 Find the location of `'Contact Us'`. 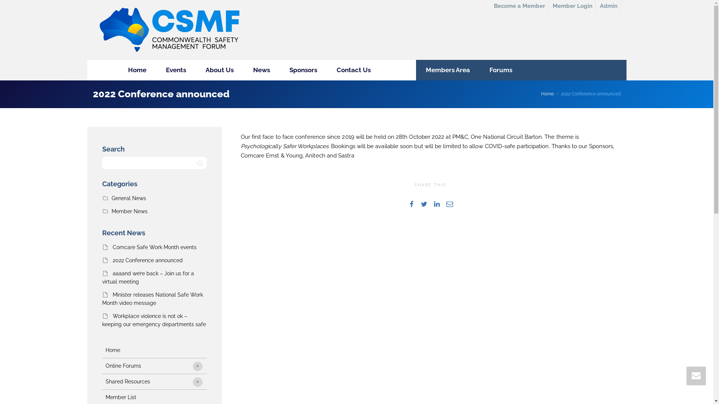

'Contact Us' is located at coordinates (353, 70).